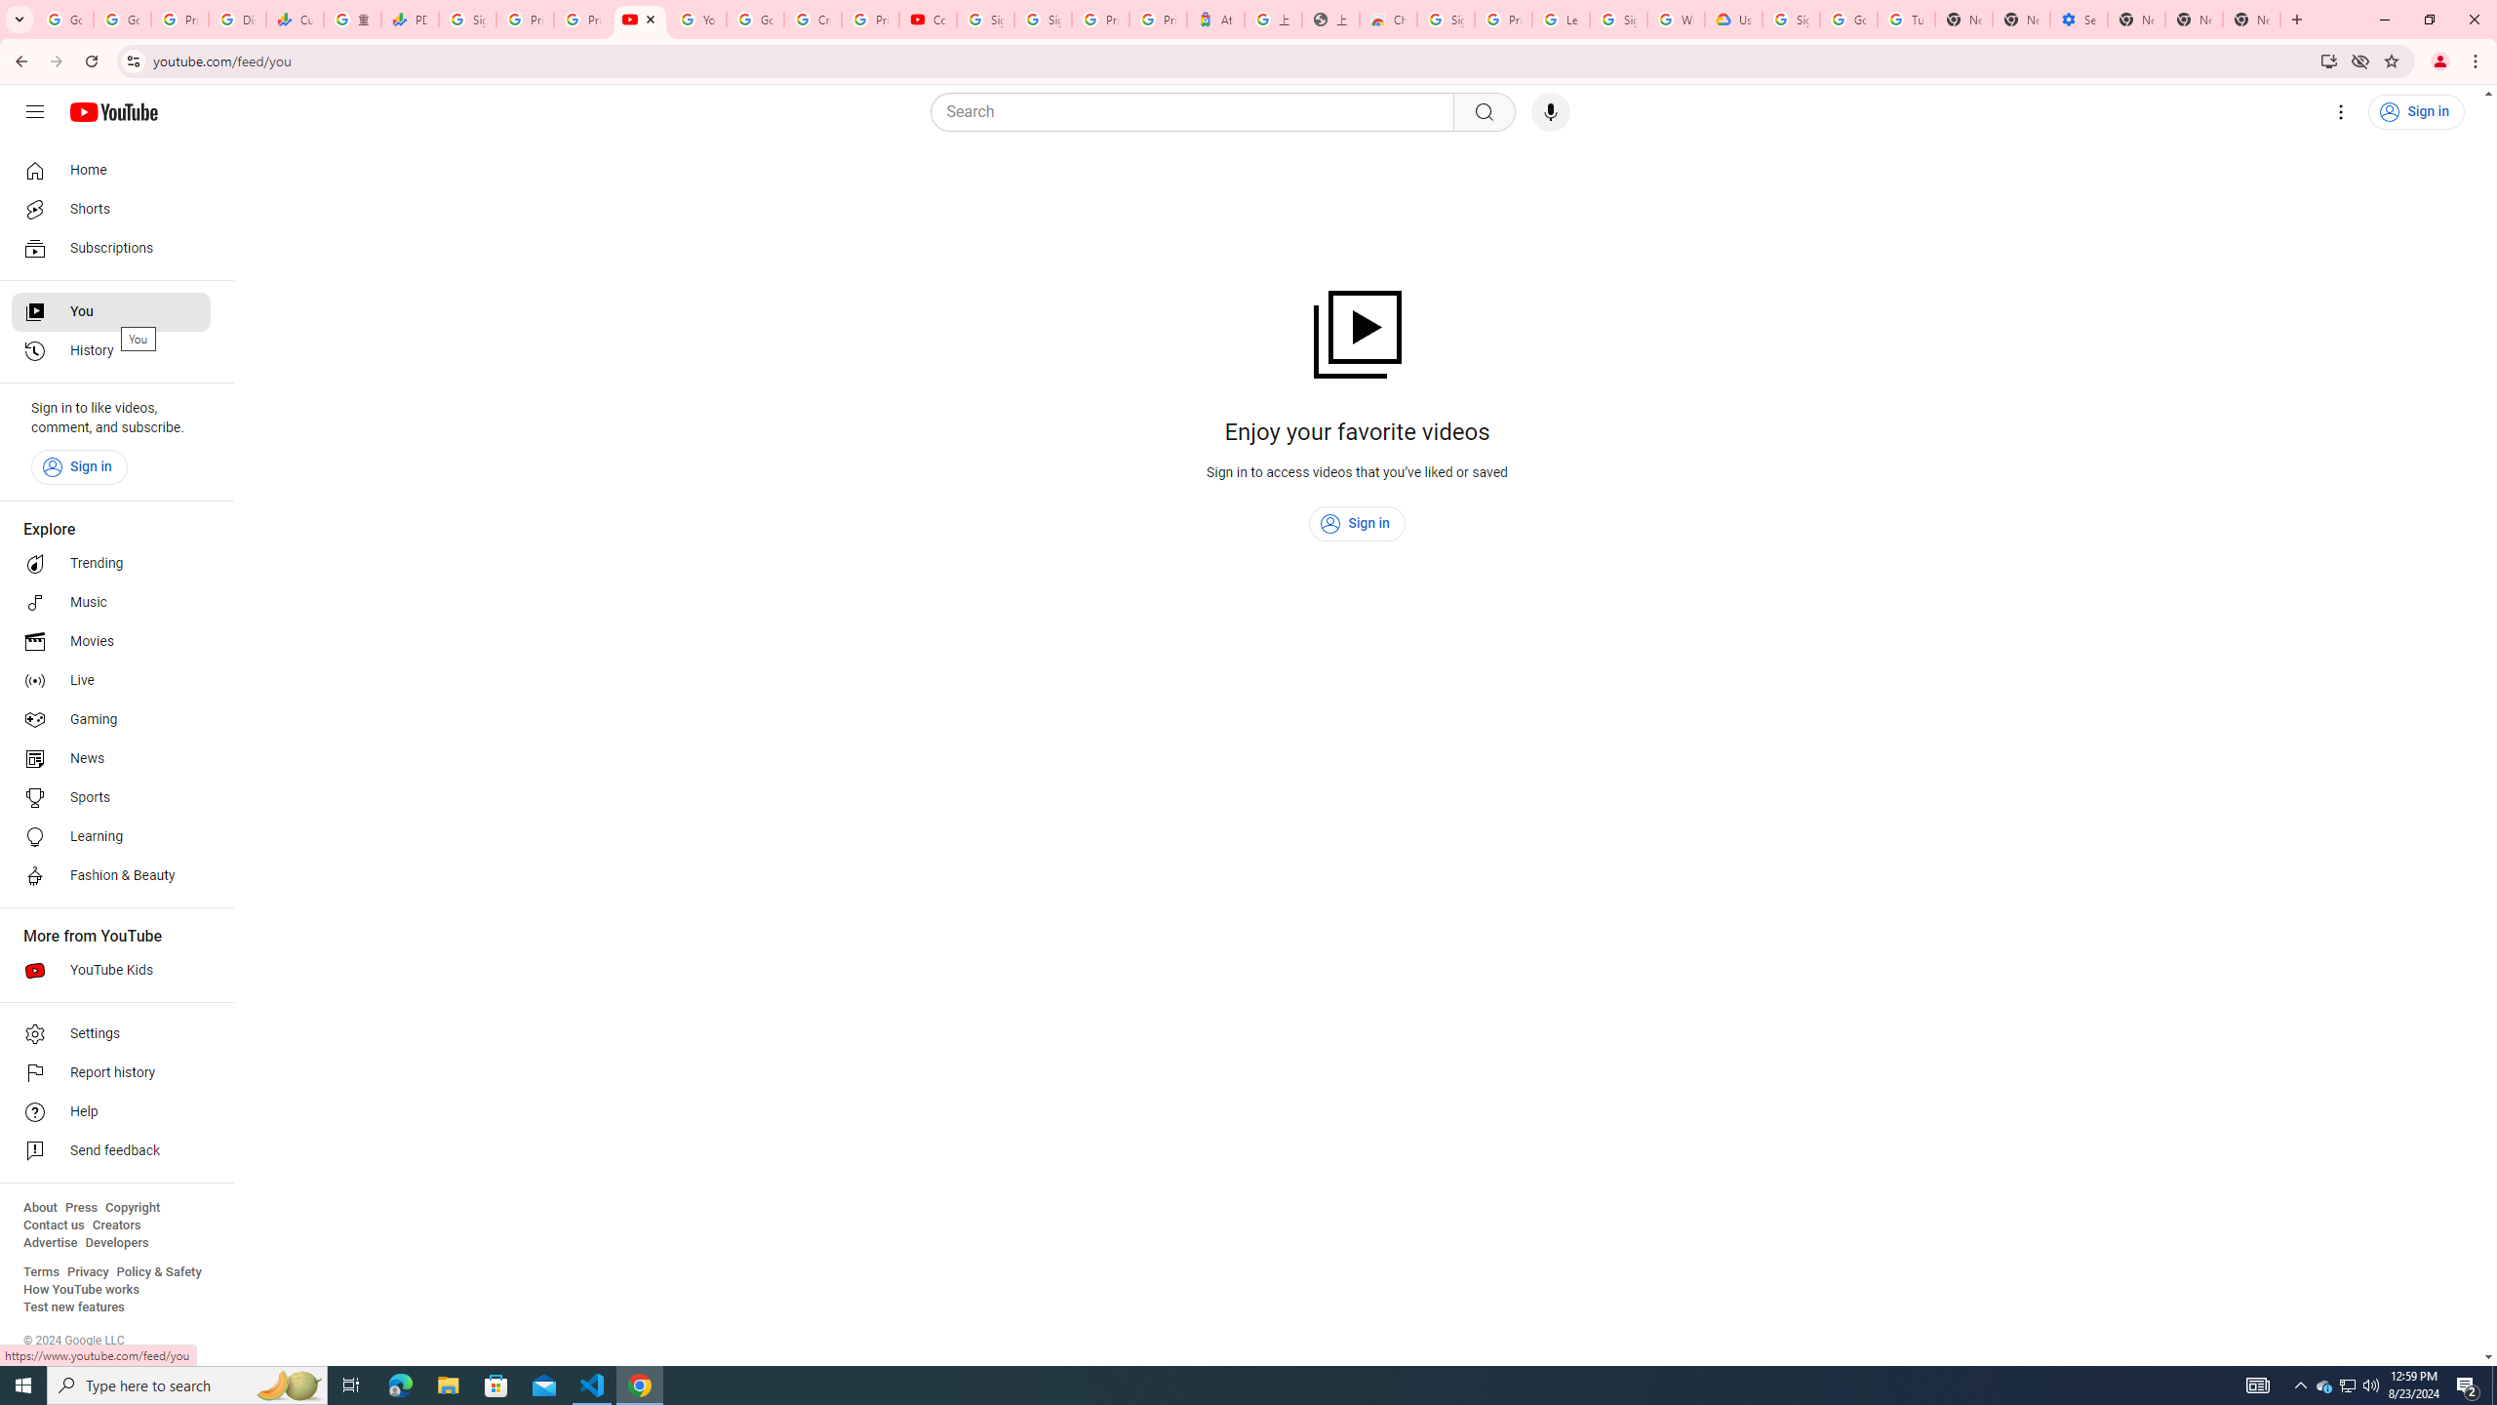 This screenshot has height=1405, width=2497. I want to click on 'Test new features', so click(72, 1305).